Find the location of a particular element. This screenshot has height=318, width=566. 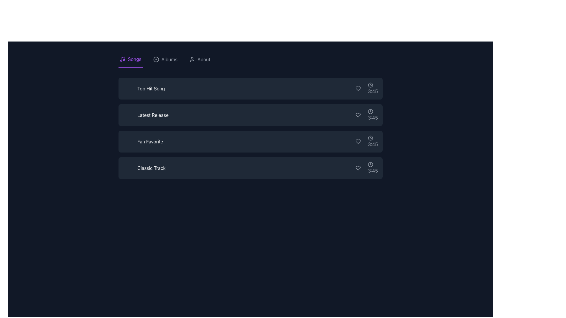

the 'Songs' Icon located in the top left corner of the navigation menu, which is positioned immediately to the left of the 'Songs' label is located at coordinates (122, 59).